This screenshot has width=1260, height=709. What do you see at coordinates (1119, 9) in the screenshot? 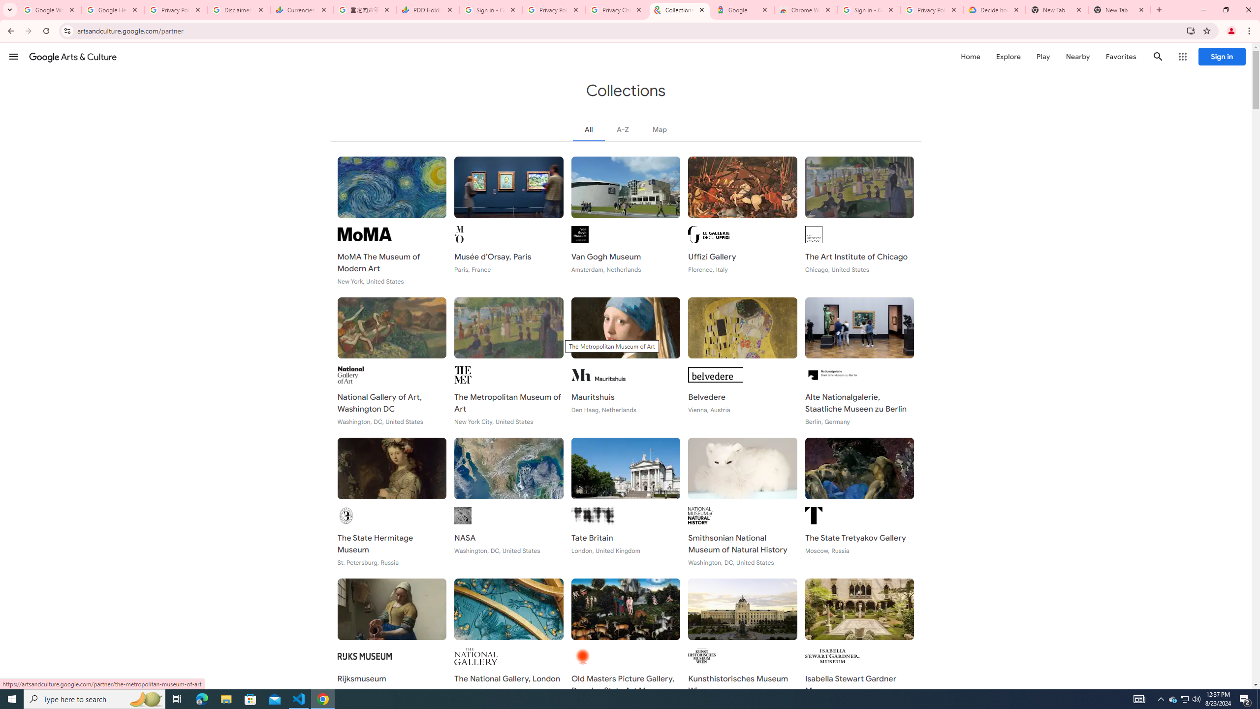
I see `'New Tab'` at bounding box center [1119, 9].